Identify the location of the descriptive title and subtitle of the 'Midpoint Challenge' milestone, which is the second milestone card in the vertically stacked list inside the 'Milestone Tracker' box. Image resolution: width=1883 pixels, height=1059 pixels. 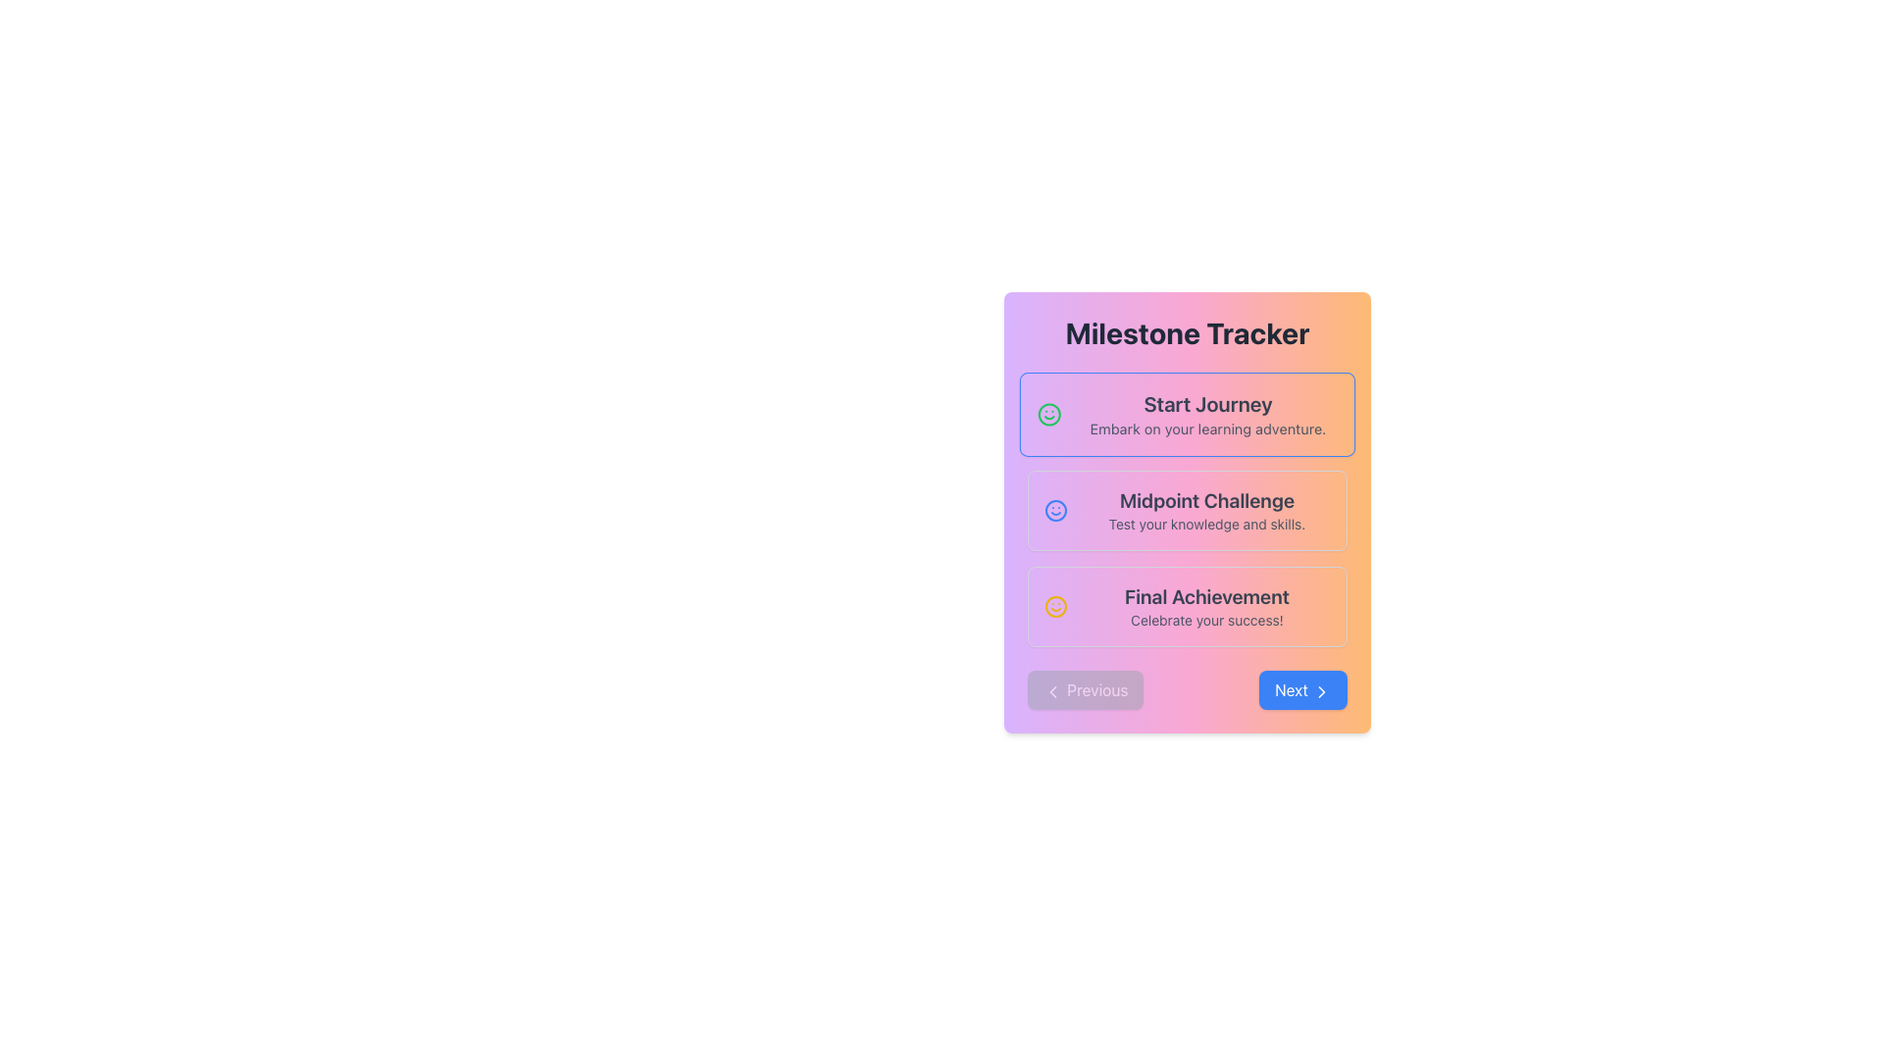
(1205, 509).